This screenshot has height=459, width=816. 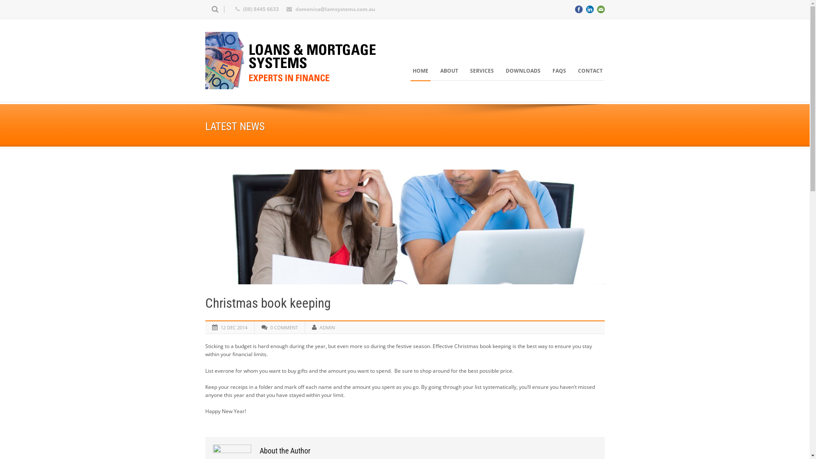 I want to click on 'DOWNLOADS', so click(x=503, y=70).